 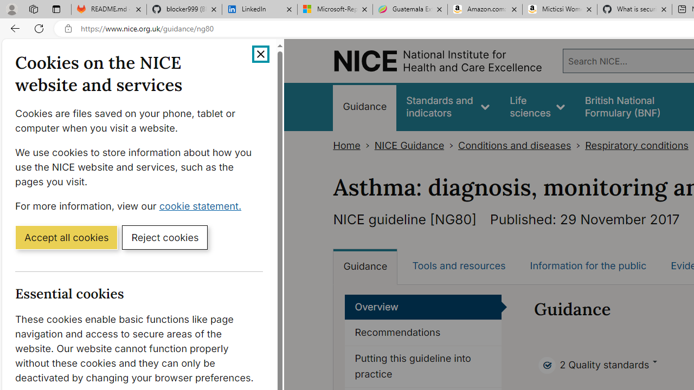 What do you see at coordinates (416, 145) in the screenshot?
I see `'NICE Guidance>'` at bounding box center [416, 145].